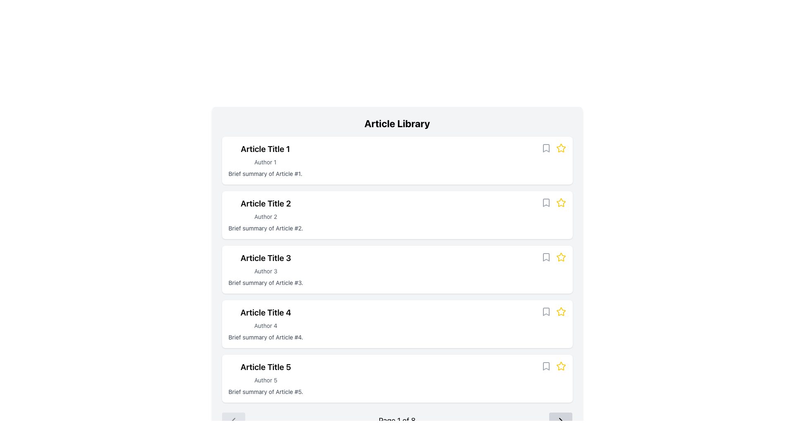 This screenshot has width=794, height=446. What do you see at coordinates (561, 256) in the screenshot?
I see `the star button located in the rightmost column of the third article ('Article Title 3')` at bounding box center [561, 256].